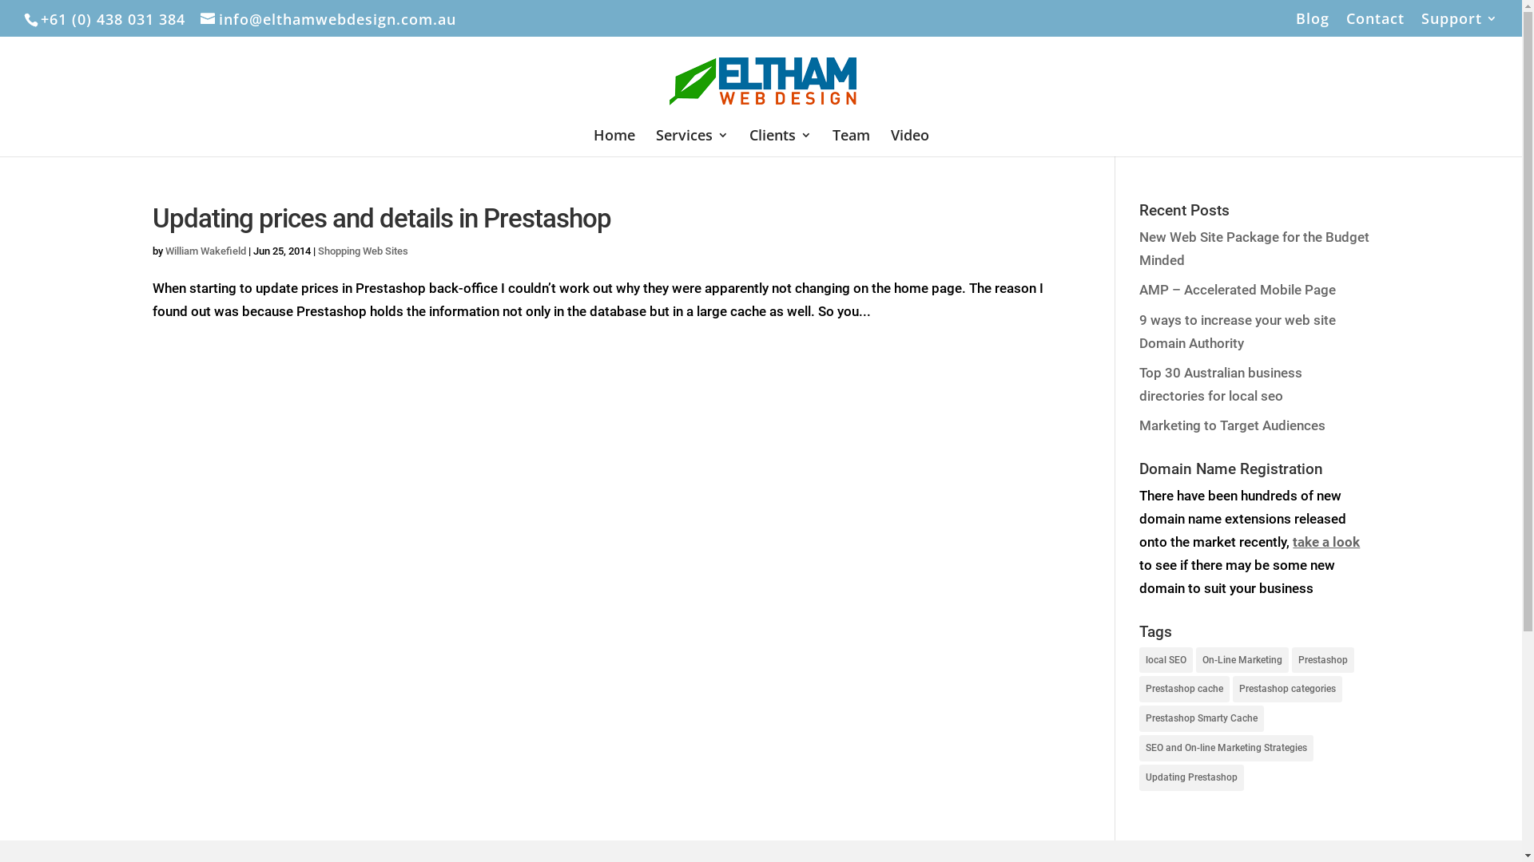 The width and height of the screenshot is (1534, 862). Describe the element at coordinates (204, 251) in the screenshot. I see `'William Wakefield'` at that location.